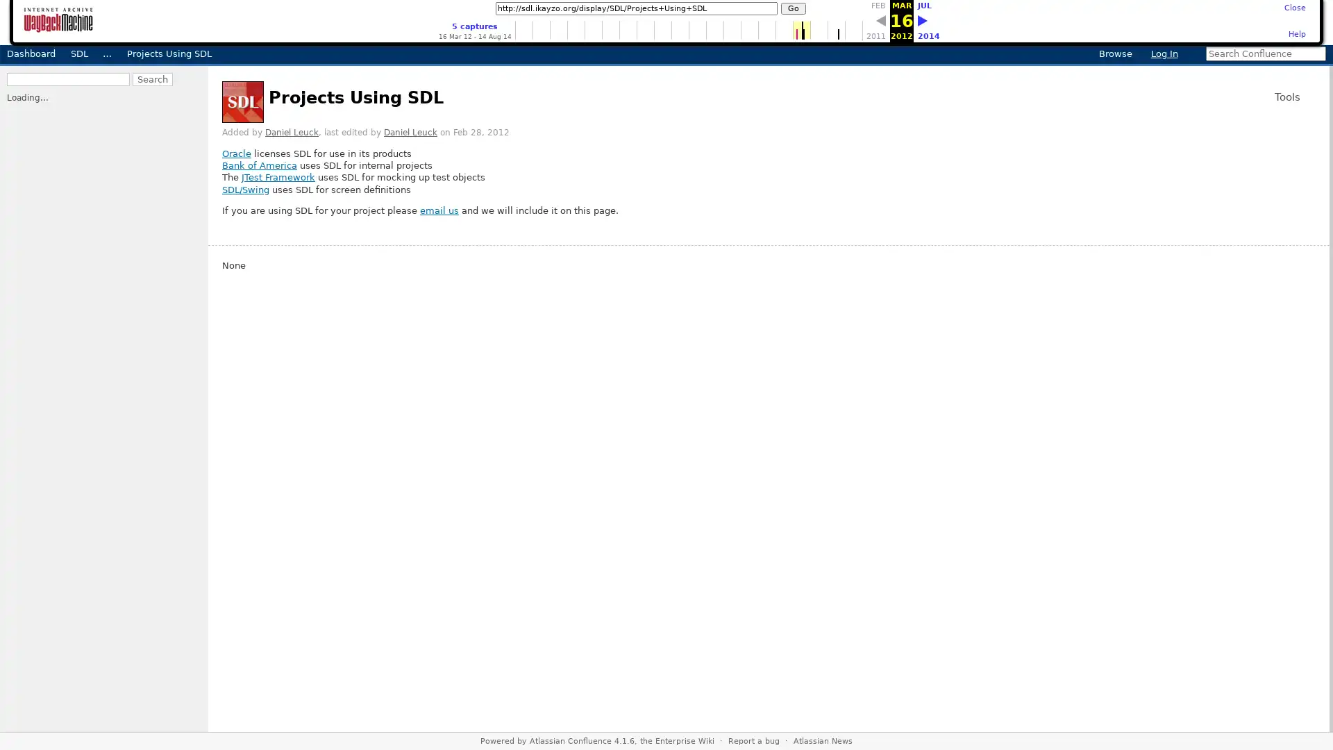 The width and height of the screenshot is (1333, 750). I want to click on Search, so click(26, 92).